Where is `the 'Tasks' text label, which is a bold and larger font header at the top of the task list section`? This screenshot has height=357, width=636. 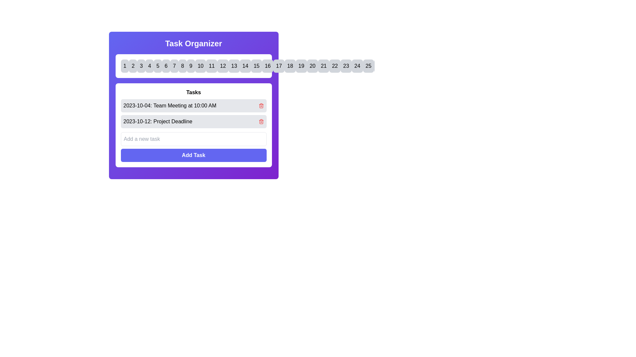
the 'Tasks' text label, which is a bold and larger font header at the top of the task list section is located at coordinates (193, 93).